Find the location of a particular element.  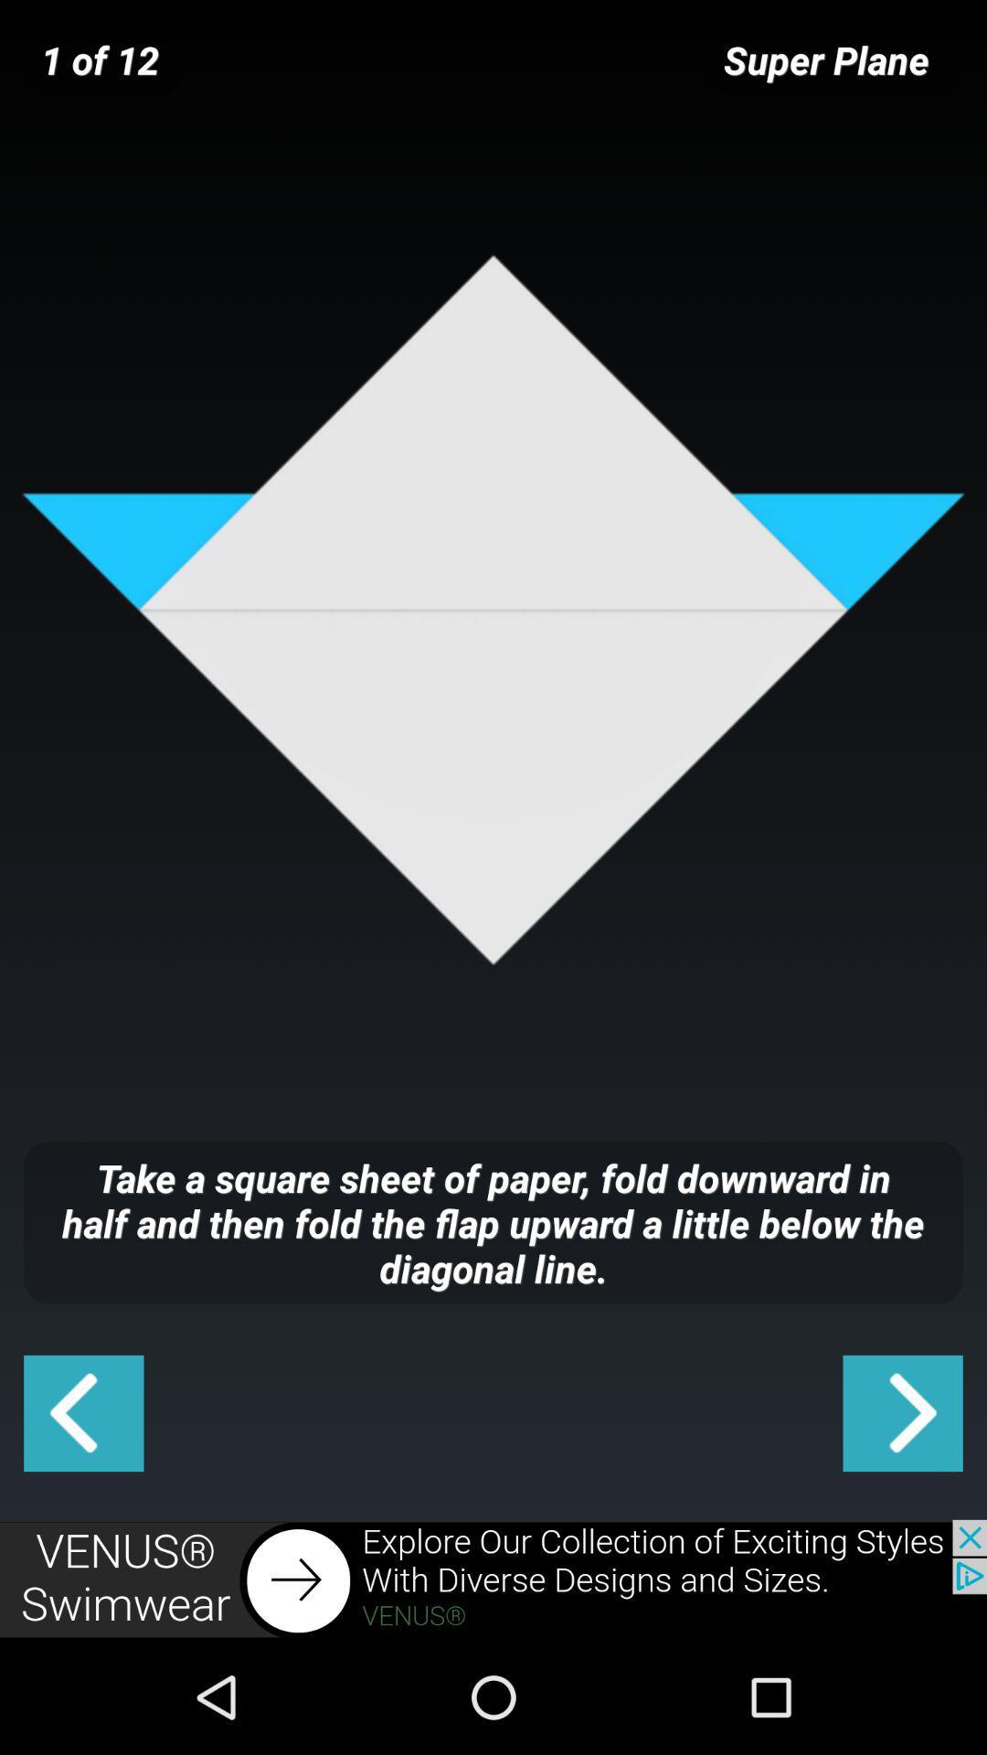

next button is located at coordinates (902, 1412).